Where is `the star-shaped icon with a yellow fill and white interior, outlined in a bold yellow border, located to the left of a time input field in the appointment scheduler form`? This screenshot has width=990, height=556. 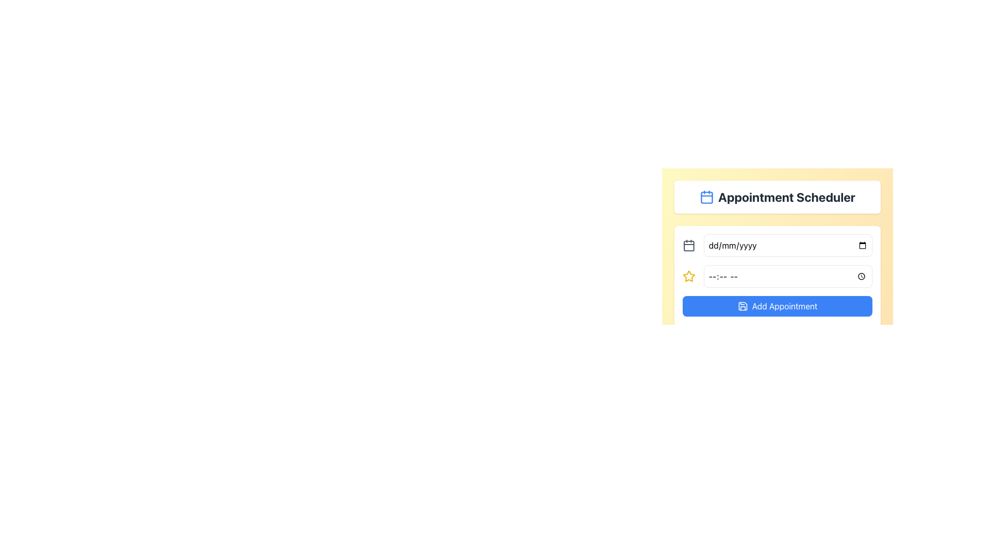 the star-shaped icon with a yellow fill and white interior, outlined in a bold yellow border, located to the left of a time input field in the appointment scheduler form is located at coordinates (689, 275).